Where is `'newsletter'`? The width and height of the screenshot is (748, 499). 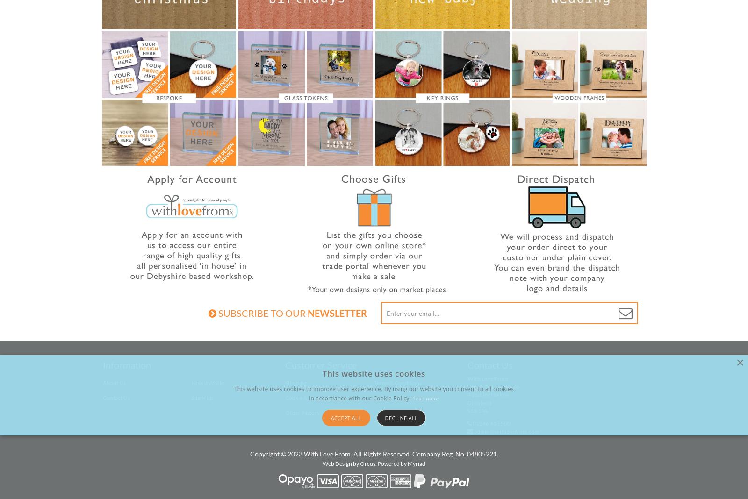 'newsletter' is located at coordinates (337, 313).